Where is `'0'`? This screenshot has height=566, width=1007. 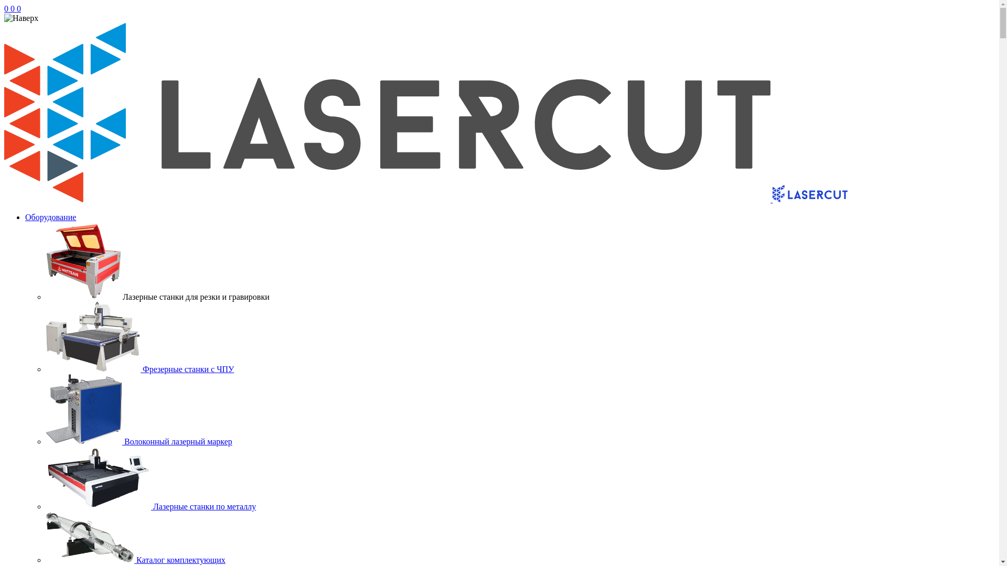
'0' is located at coordinates (7, 8).